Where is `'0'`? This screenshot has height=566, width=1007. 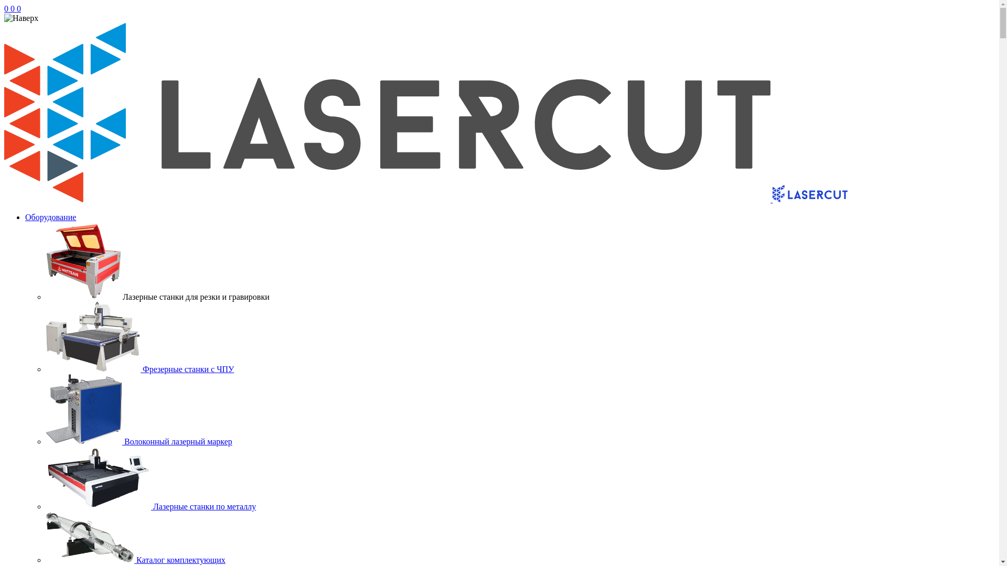
'0' is located at coordinates (7, 8).